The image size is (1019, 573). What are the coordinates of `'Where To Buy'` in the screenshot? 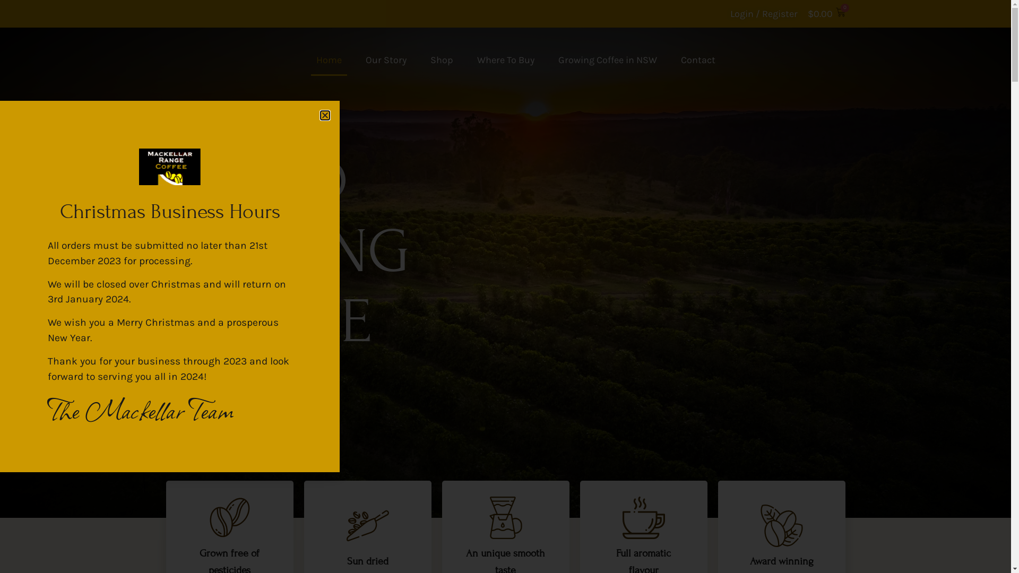 It's located at (504, 59).